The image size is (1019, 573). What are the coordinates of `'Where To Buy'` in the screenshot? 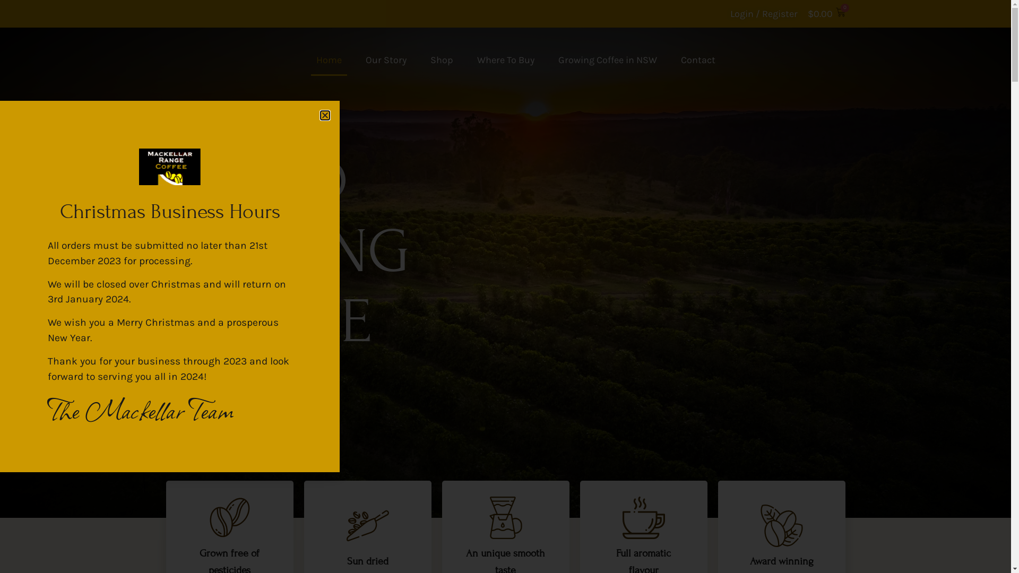 It's located at (504, 59).